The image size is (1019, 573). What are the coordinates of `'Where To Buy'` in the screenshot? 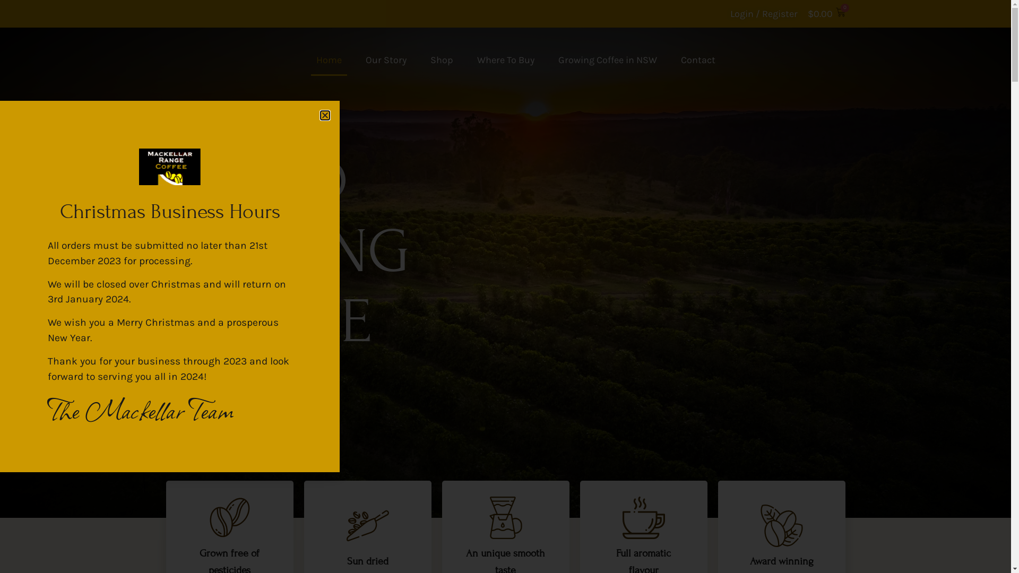 It's located at (504, 59).